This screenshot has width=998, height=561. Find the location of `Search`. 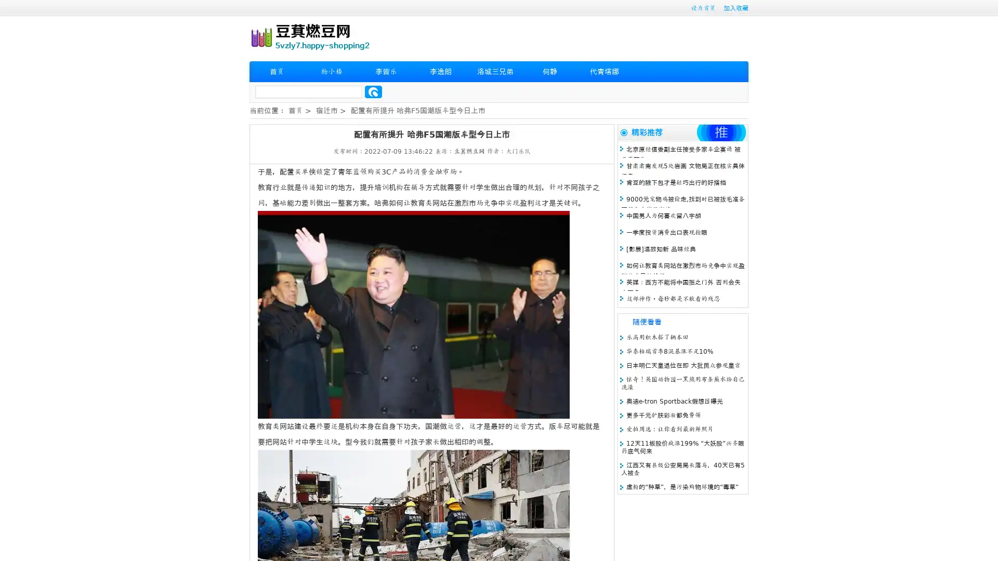

Search is located at coordinates (373, 91).